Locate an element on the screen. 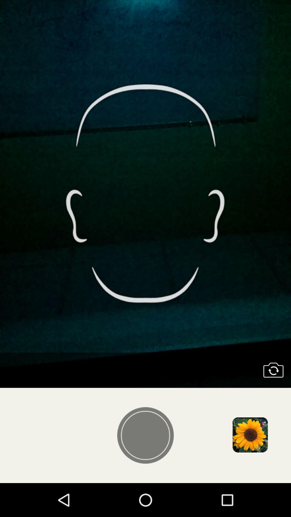 The height and width of the screenshot is (517, 291). the avatar icon is located at coordinates (145, 466).